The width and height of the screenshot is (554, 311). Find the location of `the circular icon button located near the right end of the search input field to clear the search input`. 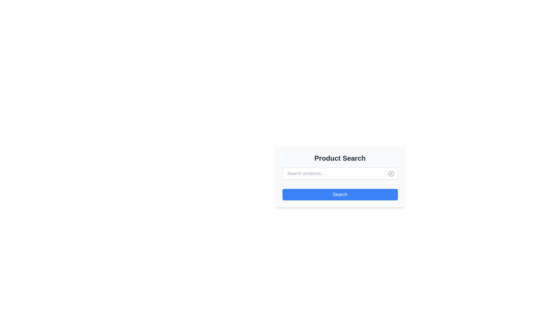

the circular icon button located near the right end of the search input field to clear the search input is located at coordinates (391, 173).